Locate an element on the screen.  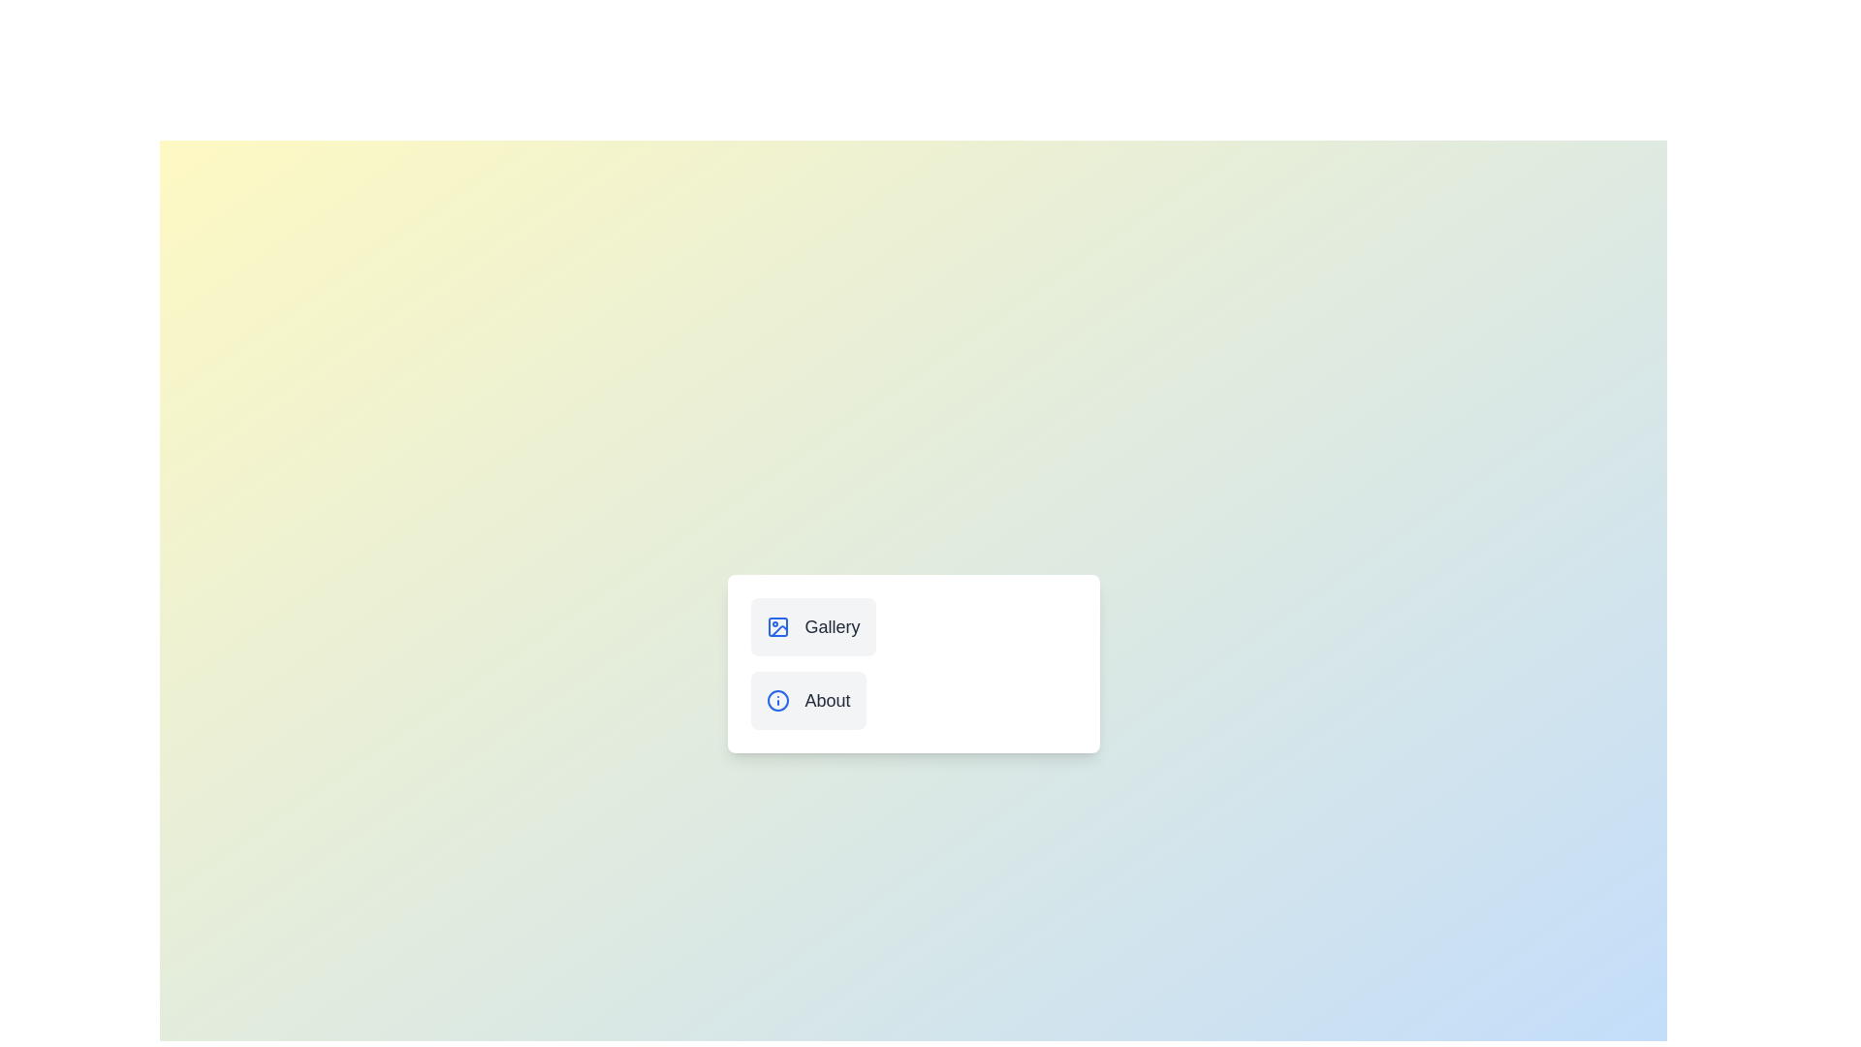
the About button to change the menu state is located at coordinates (808, 700).